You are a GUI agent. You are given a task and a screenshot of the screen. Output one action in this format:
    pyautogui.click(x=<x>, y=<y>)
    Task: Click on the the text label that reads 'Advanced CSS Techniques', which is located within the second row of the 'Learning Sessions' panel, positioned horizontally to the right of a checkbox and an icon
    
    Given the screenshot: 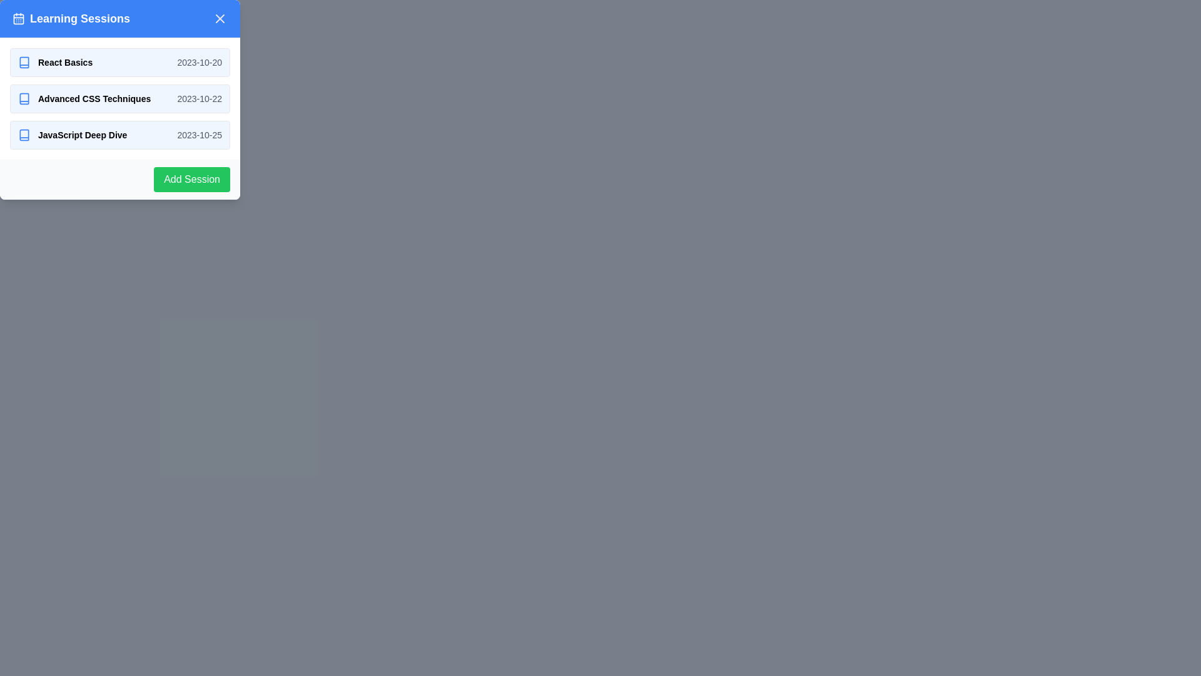 What is the action you would take?
    pyautogui.click(x=94, y=98)
    